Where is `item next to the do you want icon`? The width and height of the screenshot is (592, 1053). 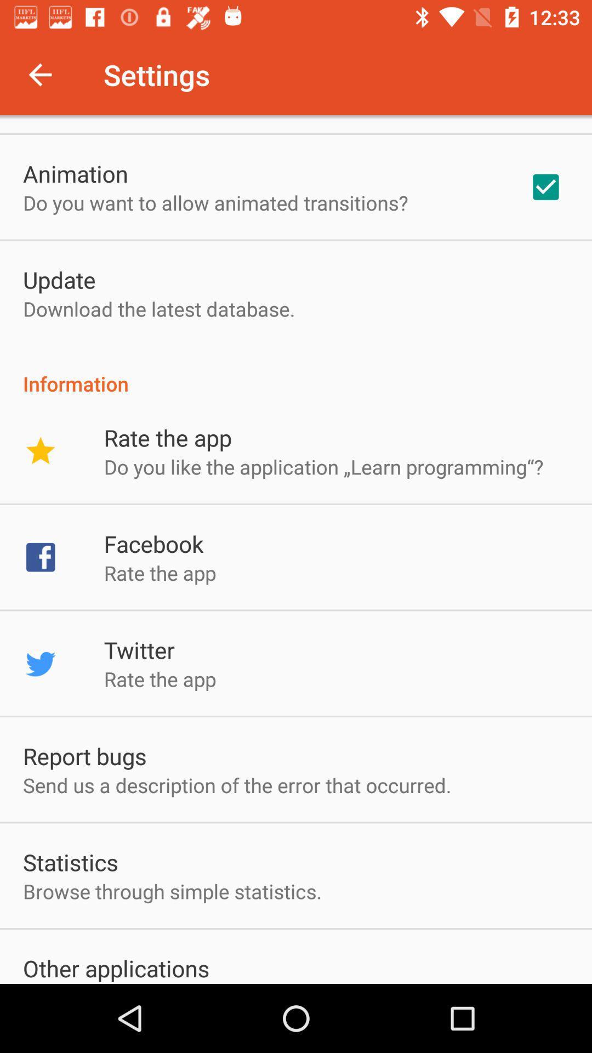
item next to the do you want icon is located at coordinates (545, 187).